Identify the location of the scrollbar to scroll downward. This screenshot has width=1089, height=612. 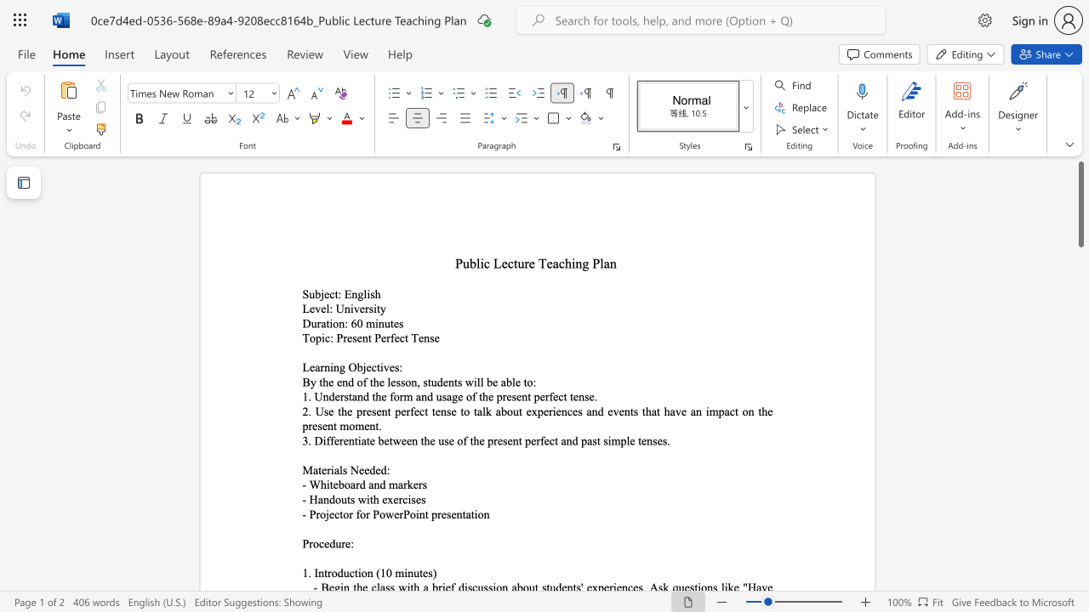
(1080, 467).